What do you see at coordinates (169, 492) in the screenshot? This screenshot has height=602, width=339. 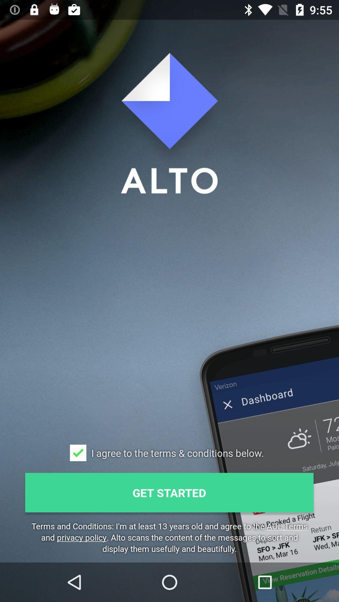 I see `the get started` at bounding box center [169, 492].